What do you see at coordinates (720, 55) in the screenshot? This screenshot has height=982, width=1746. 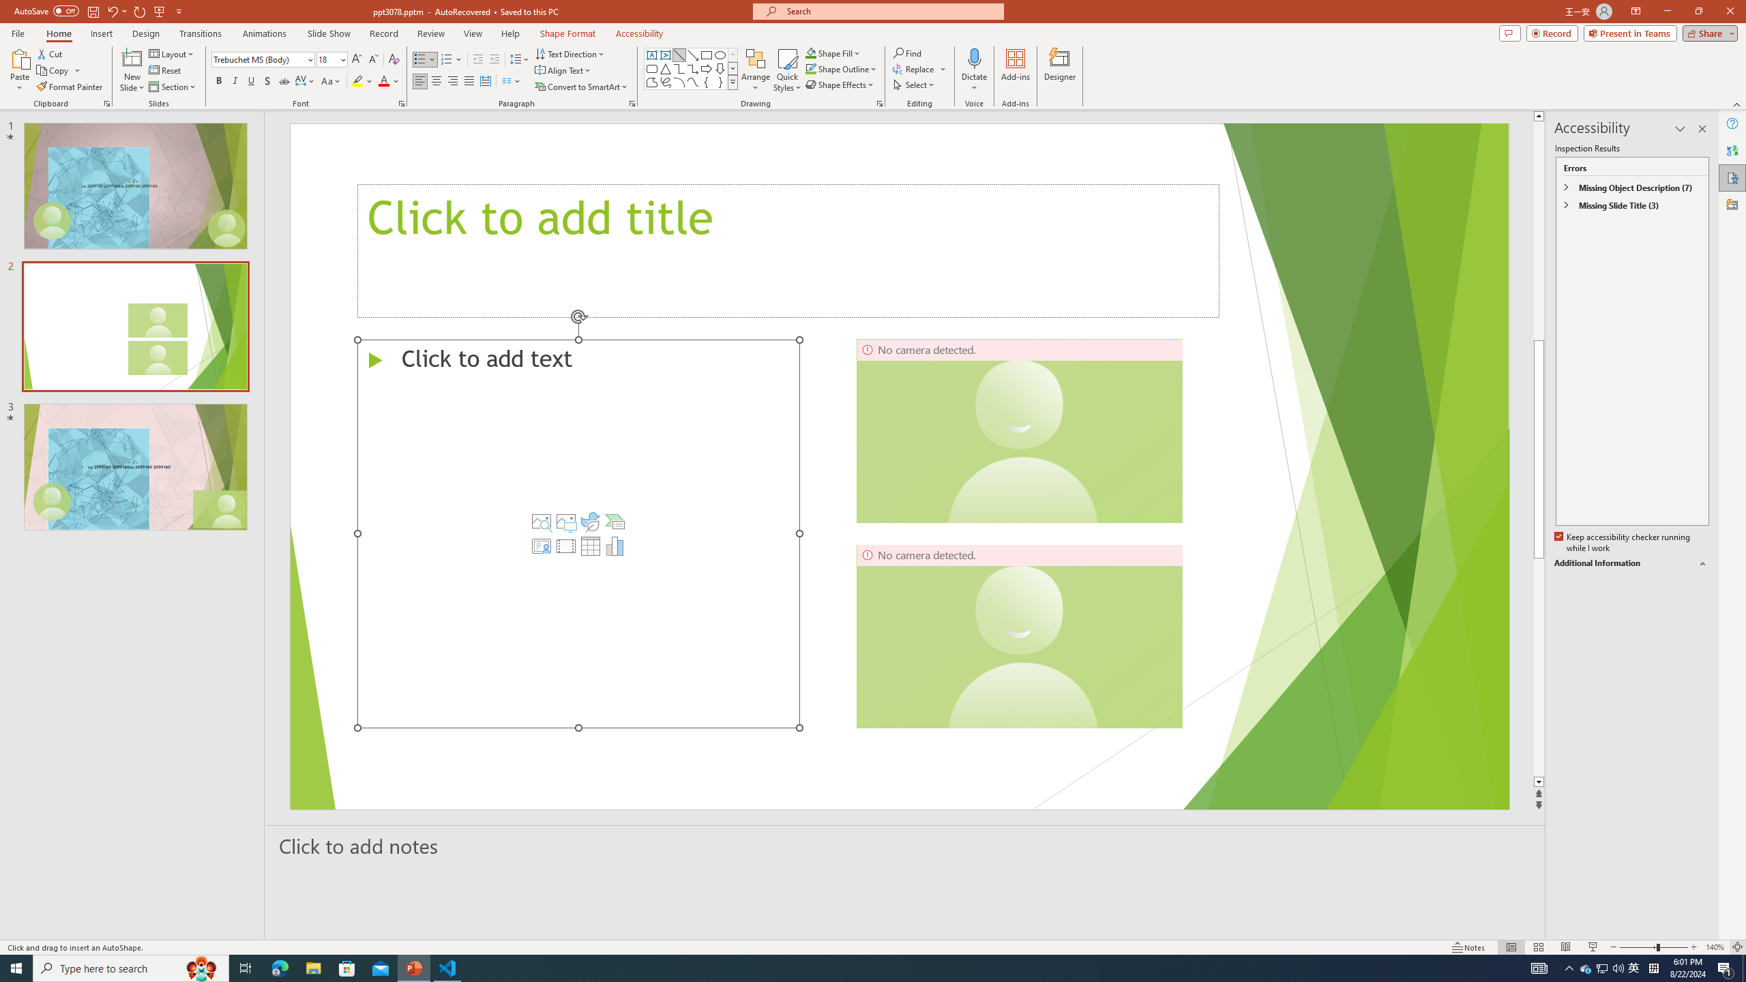 I see `'Oval'` at bounding box center [720, 55].